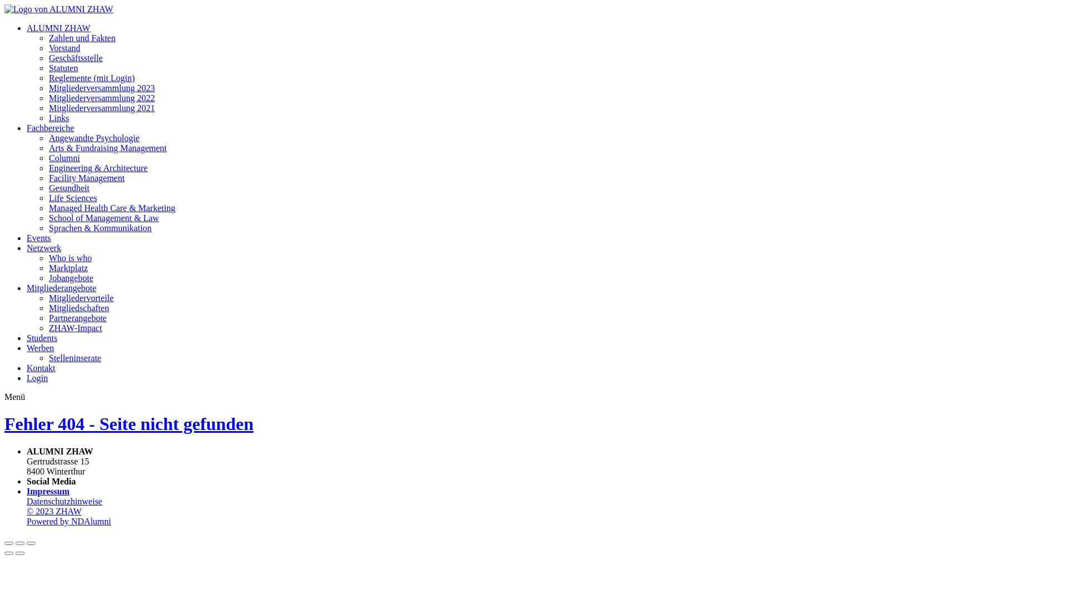 The width and height of the screenshot is (1067, 600). What do you see at coordinates (78, 308) in the screenshot?
I see `'Mitgliedschaften'` at bounding box center [78, 308].